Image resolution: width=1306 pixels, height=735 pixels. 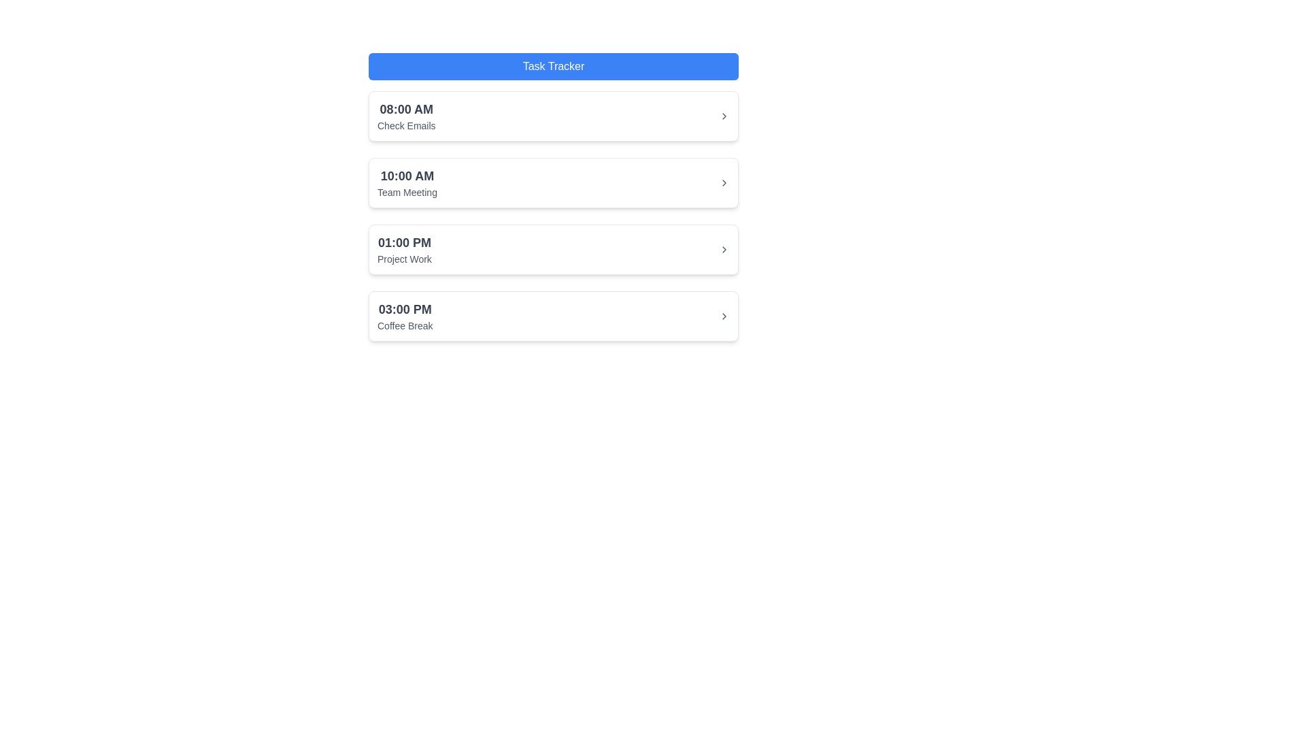 I want to click on the 'Team Meeting' event in the daily planner, so click(x=554, y=182).